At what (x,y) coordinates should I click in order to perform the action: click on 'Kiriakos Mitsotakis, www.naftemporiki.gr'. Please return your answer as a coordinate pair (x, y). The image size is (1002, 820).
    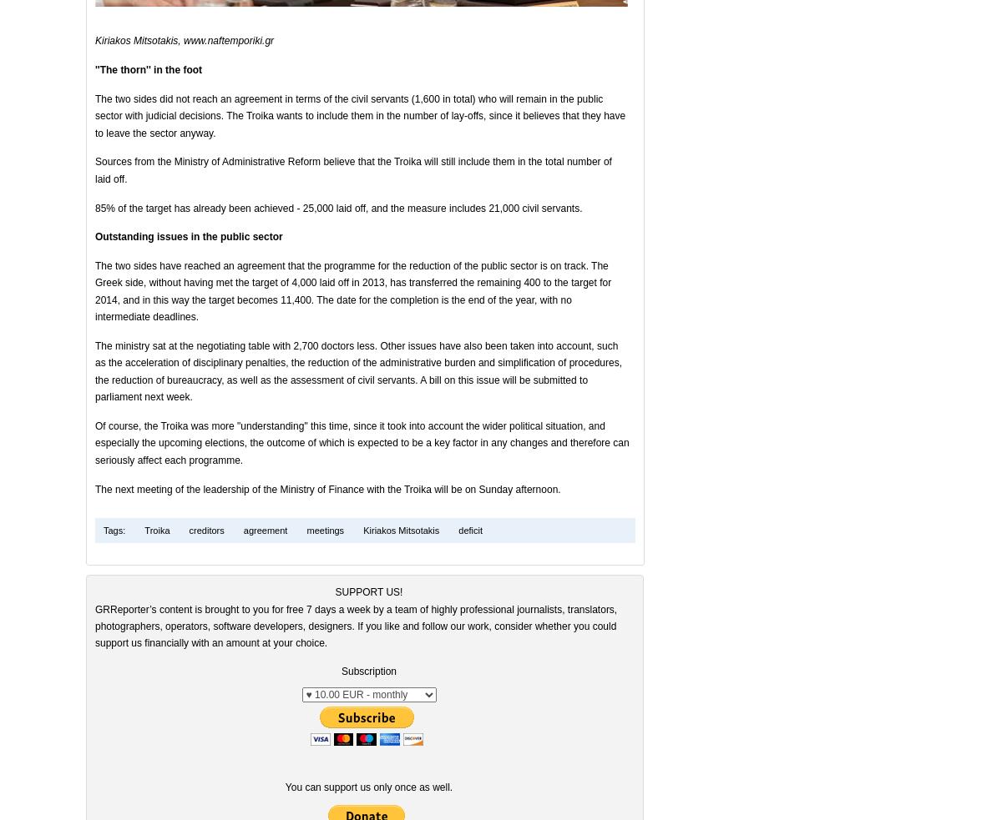
    Looking at the image, I should click on (184, 39).